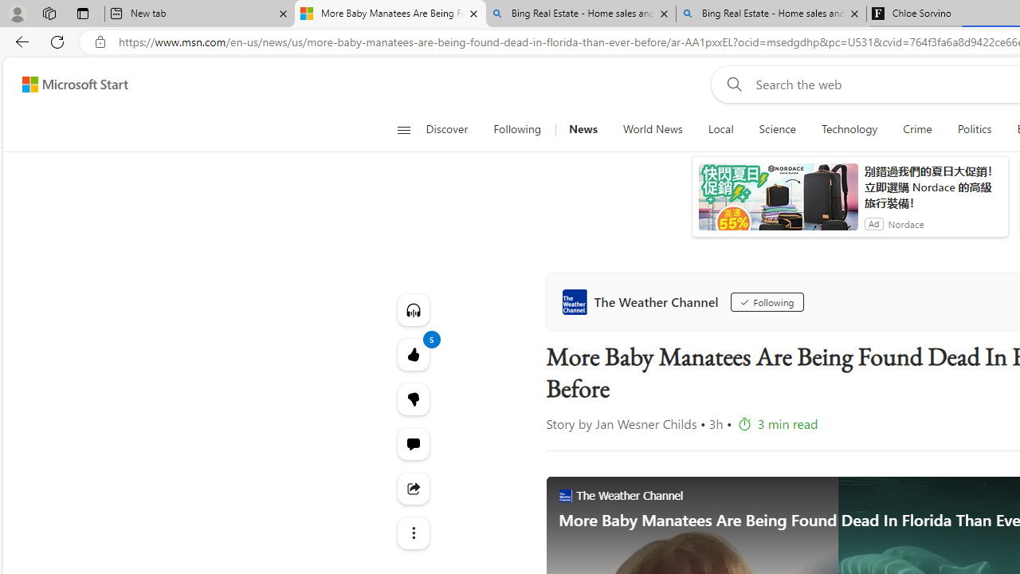 The width and height of the screenshot is (1020, 574). What do you see at coordinates (413, 443) in the screenshot?
I see `'Start the conversation'` at bounding box center [413, 443].